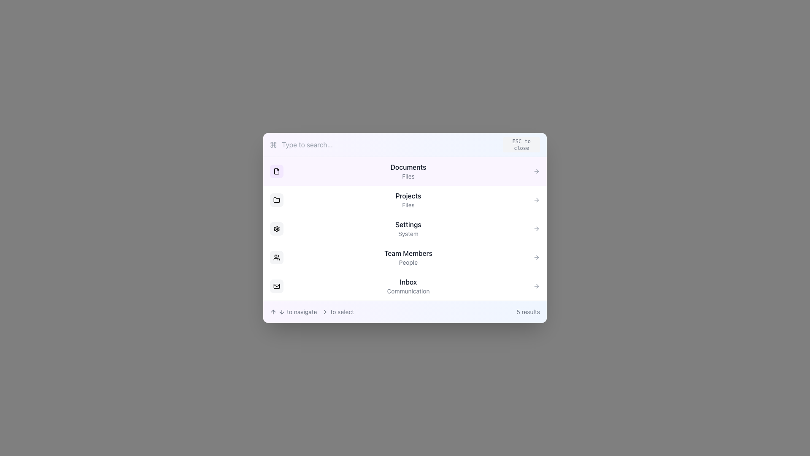 The width and height of the screenshot is (810, 456). I want to click on the right arrow icon next to the 'Settings' text, which indicates navigation to a related sub-menu or page, so click(537, 229).